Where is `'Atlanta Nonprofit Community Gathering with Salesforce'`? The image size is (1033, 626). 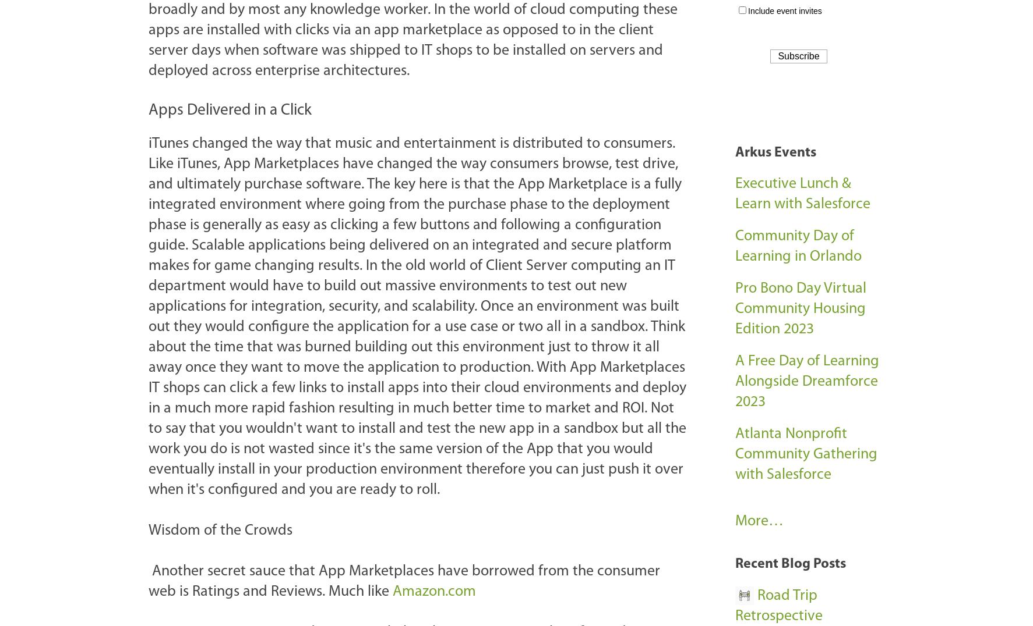
'Atlanta Nonprofit Community Gathering with Salesforce' is located at coordinates (806, 454).